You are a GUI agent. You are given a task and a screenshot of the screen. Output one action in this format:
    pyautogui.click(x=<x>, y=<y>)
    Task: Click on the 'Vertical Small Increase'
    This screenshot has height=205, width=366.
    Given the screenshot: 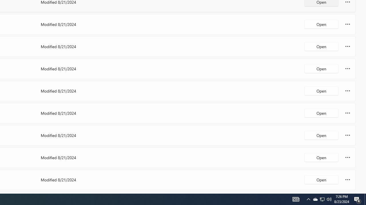 What is the action you would take?
    pyautogui.click(x=363, y=191)
    